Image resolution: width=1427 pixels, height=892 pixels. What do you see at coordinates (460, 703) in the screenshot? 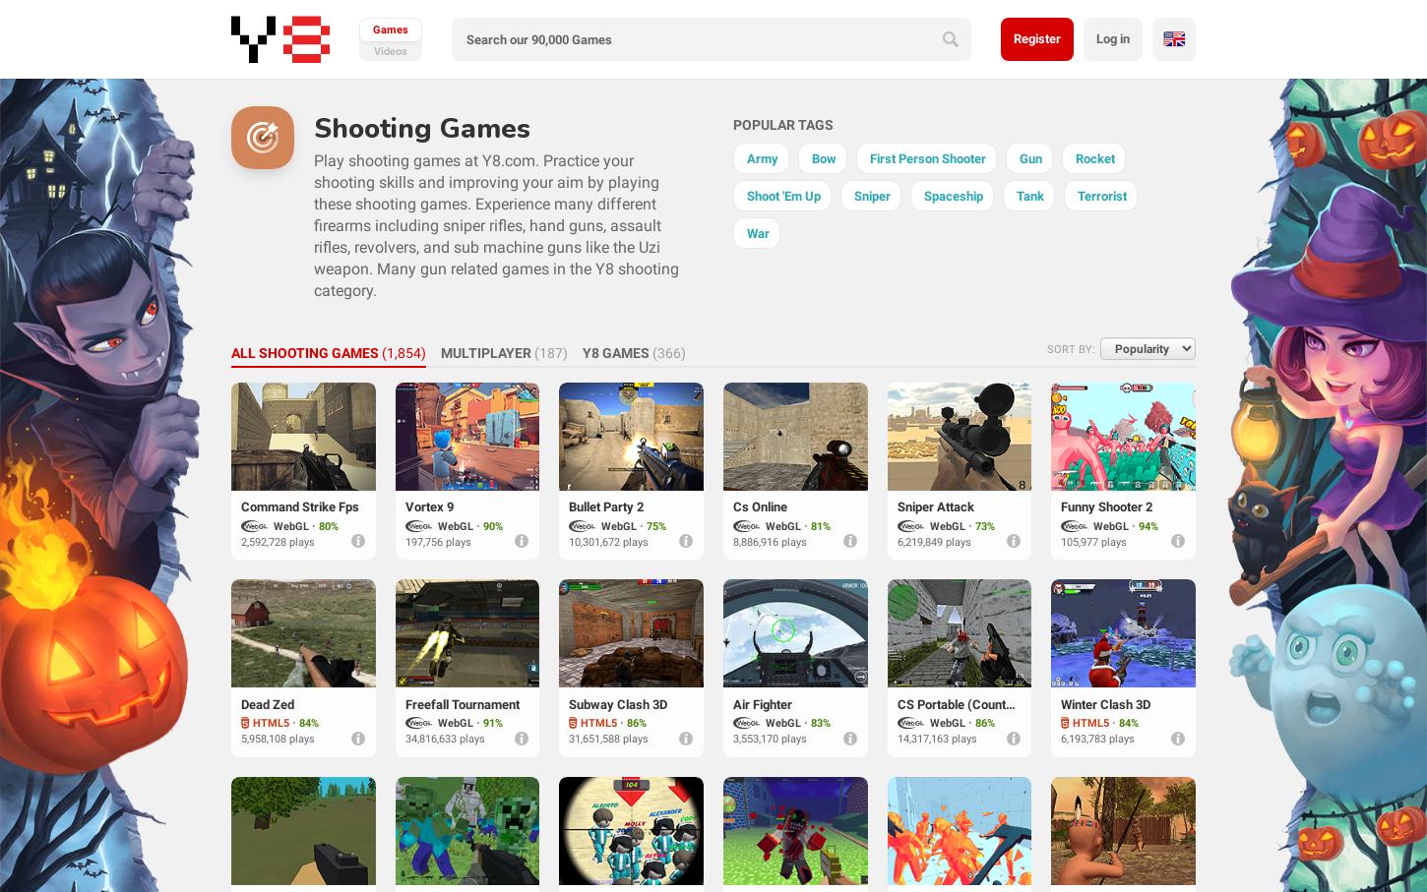
I see `'Freefall Tournament'` at bounding box center [460, 703].